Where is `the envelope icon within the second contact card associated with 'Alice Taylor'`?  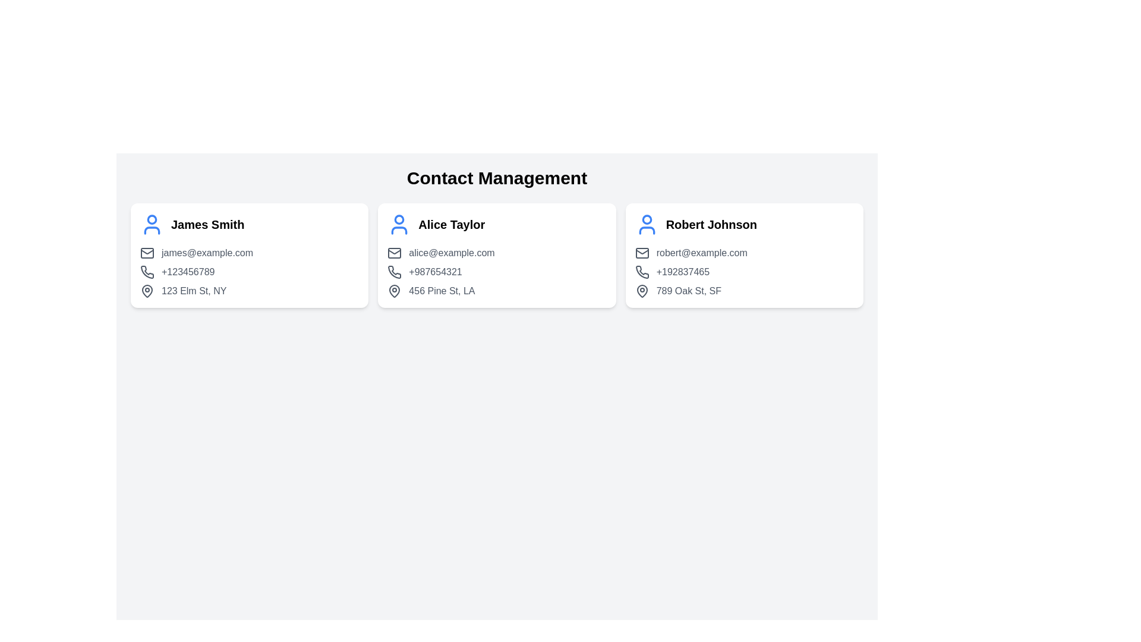 the envelope icon within the second contact card associated with 'Alice Taylor' is located at coordinates (395, 252).